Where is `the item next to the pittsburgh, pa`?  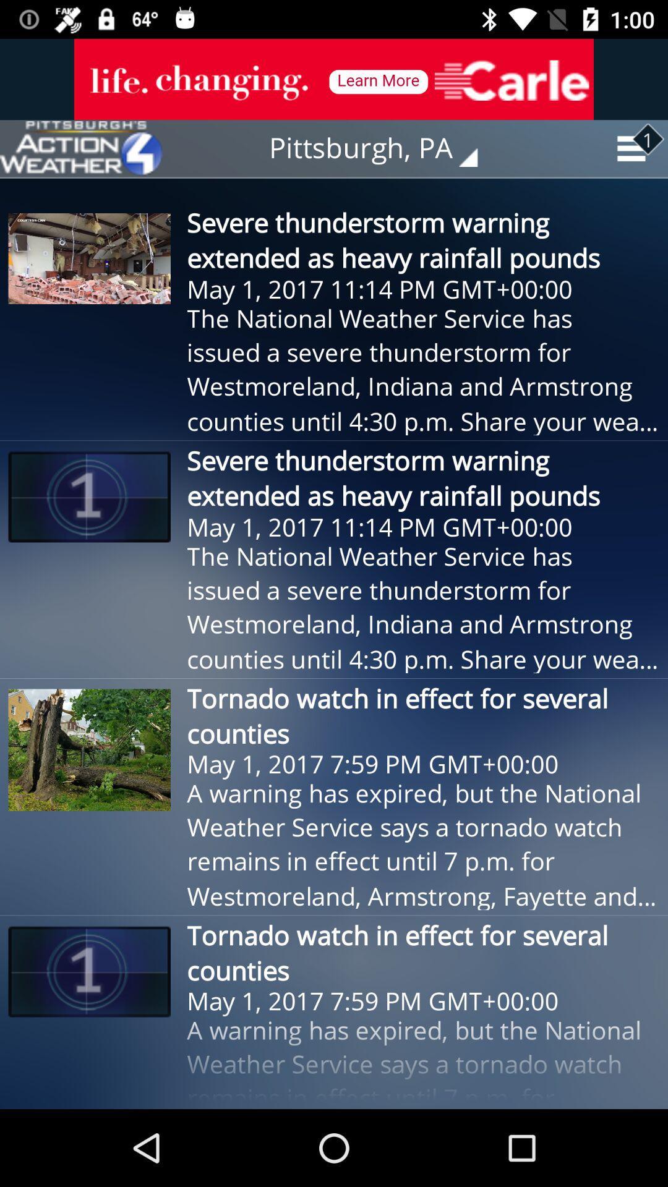
the item next to the pittsburgh, pa is located at coordinates (81, 148).